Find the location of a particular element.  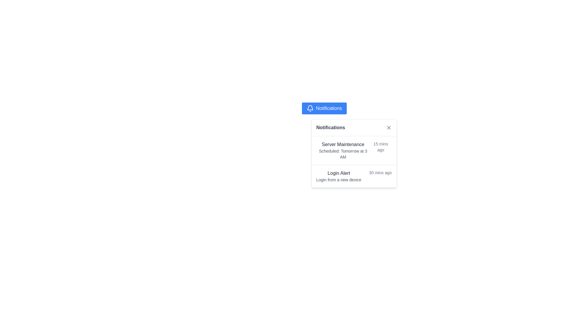

the dismissal button located on the far right side of the header bar of the notification modal is located at coordinates (389, 127).